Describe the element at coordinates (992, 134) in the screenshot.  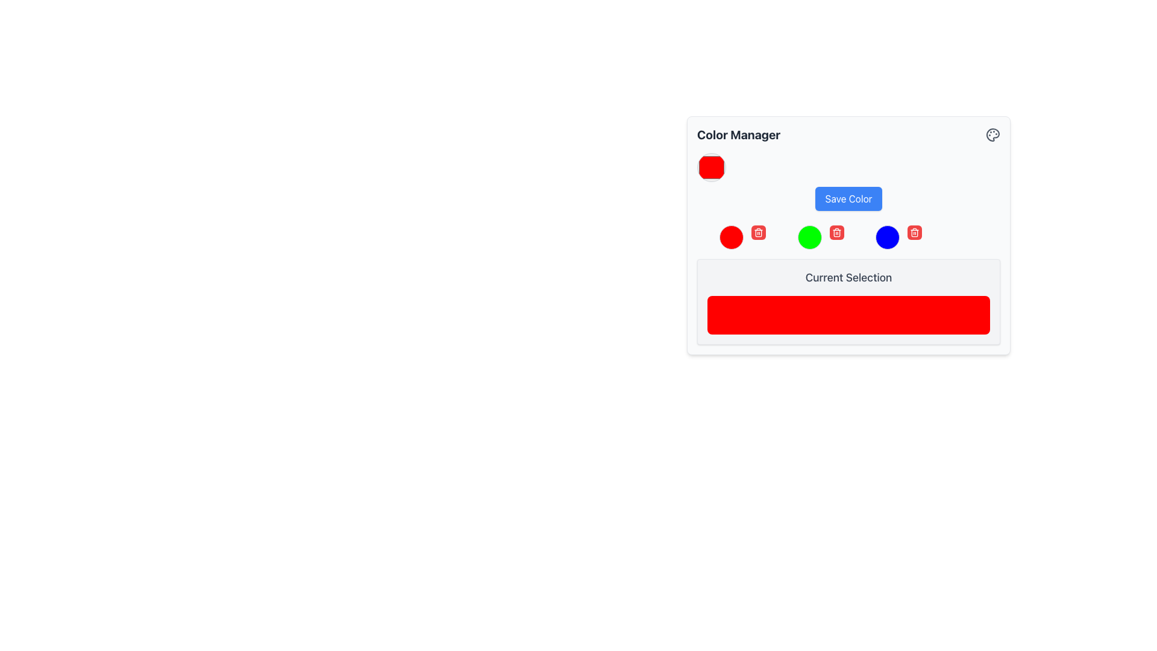
I see `the icon located at the far right of the header area in the 'Color Manager' section` at that location.